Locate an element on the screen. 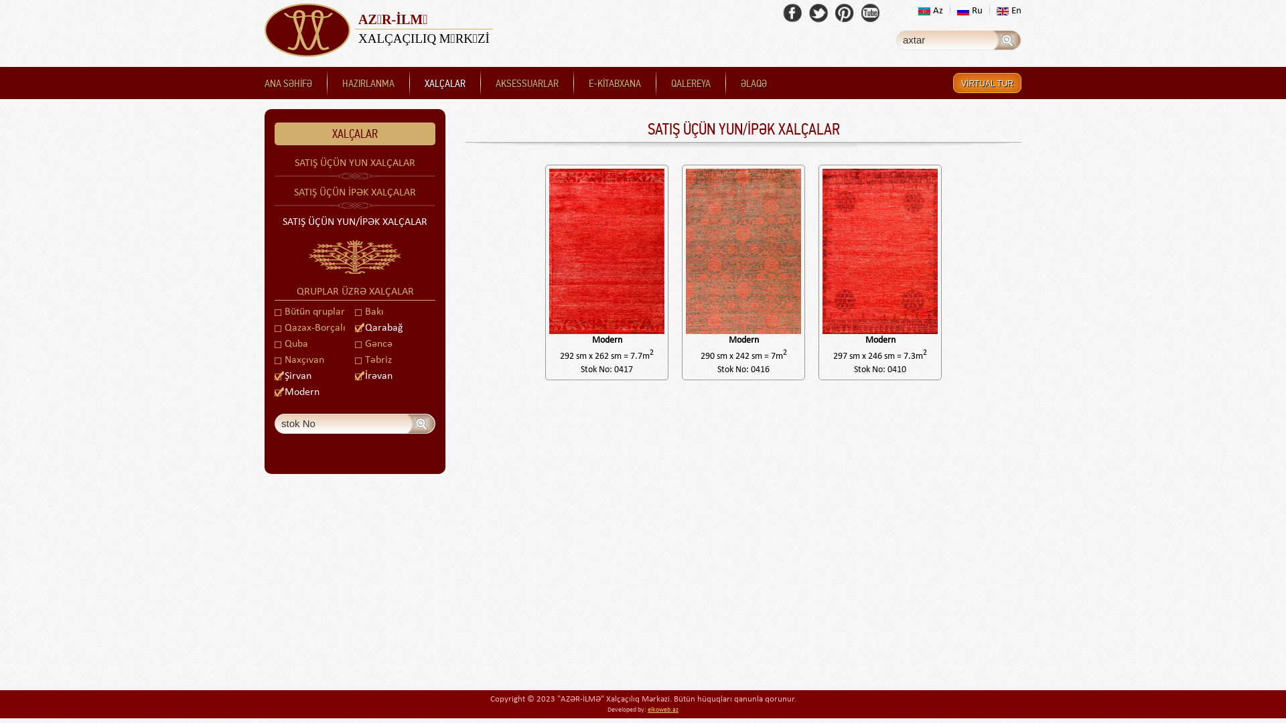 This screenshot has height=723, width=1286. 'Facebook' is located at coordinates (792, 13).